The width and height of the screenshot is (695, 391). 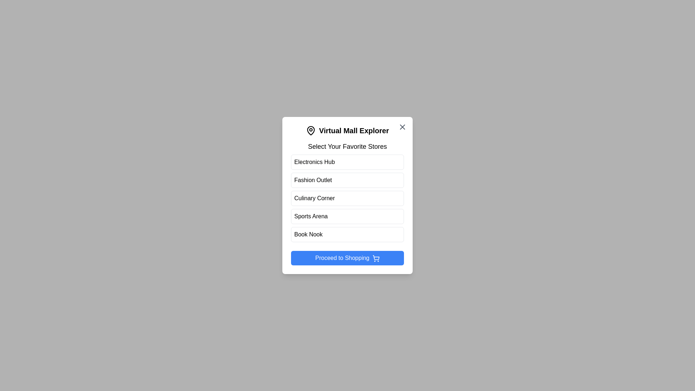 I want to click on the third item in the vertical list of labeled blocks within the modal window, so click(x=347, y=198).